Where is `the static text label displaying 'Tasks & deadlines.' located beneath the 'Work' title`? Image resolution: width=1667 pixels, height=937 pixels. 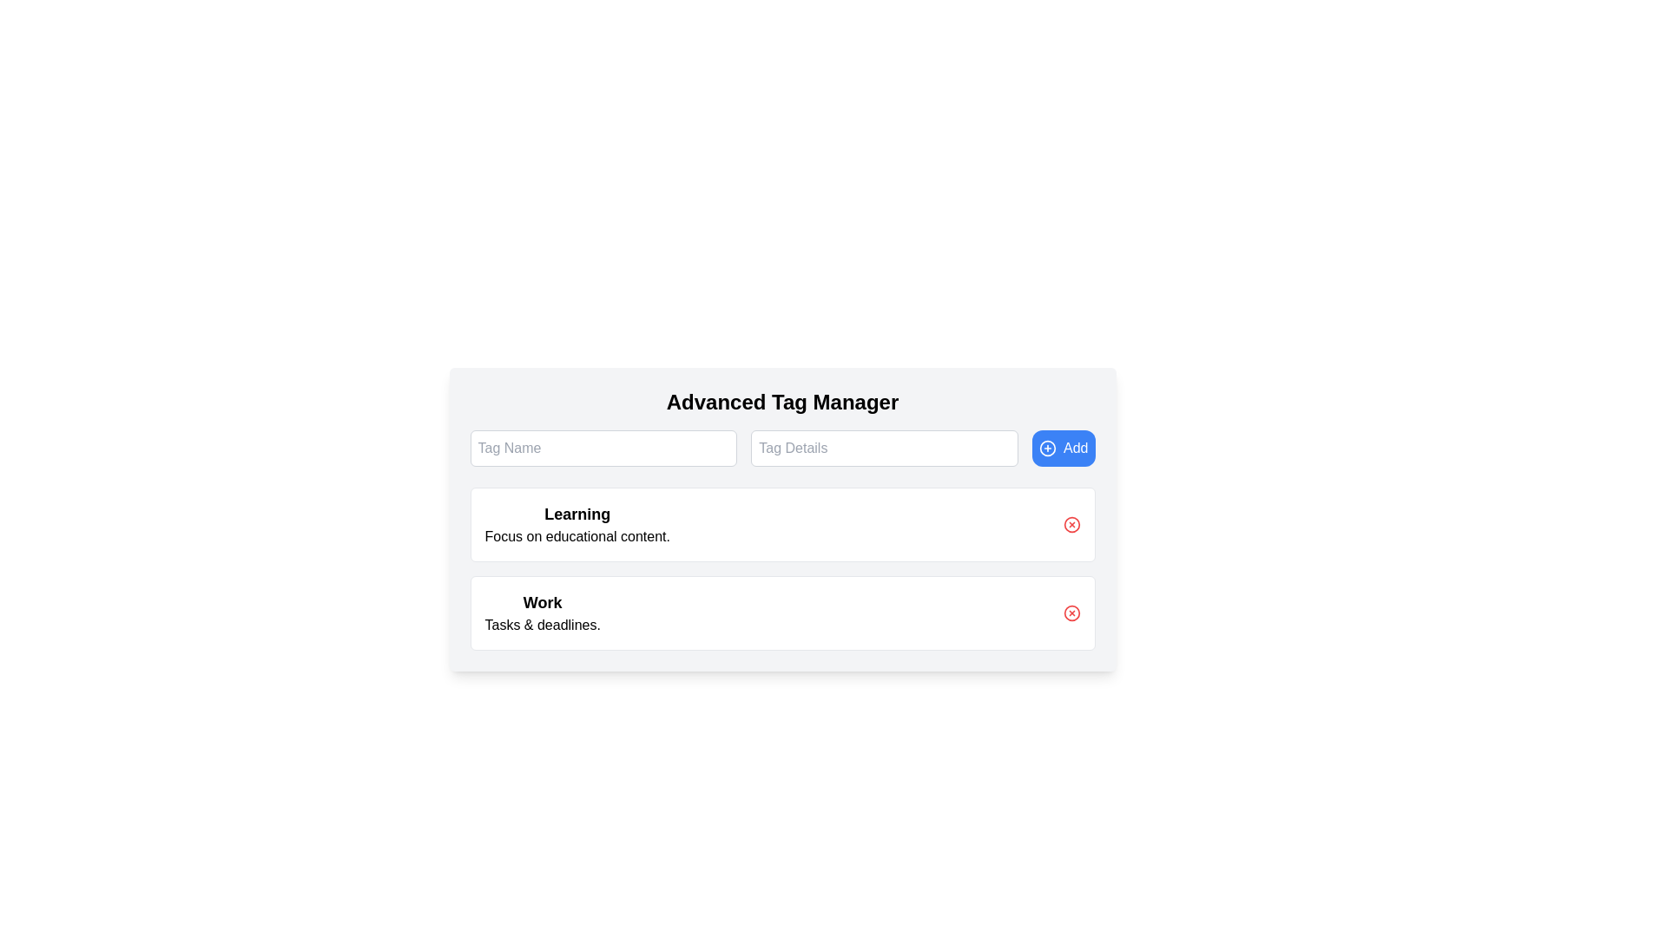
the static text label displaying 'Tasks & deadlines.' located beneath the 'Work' title is located at coordinates (542, 626).